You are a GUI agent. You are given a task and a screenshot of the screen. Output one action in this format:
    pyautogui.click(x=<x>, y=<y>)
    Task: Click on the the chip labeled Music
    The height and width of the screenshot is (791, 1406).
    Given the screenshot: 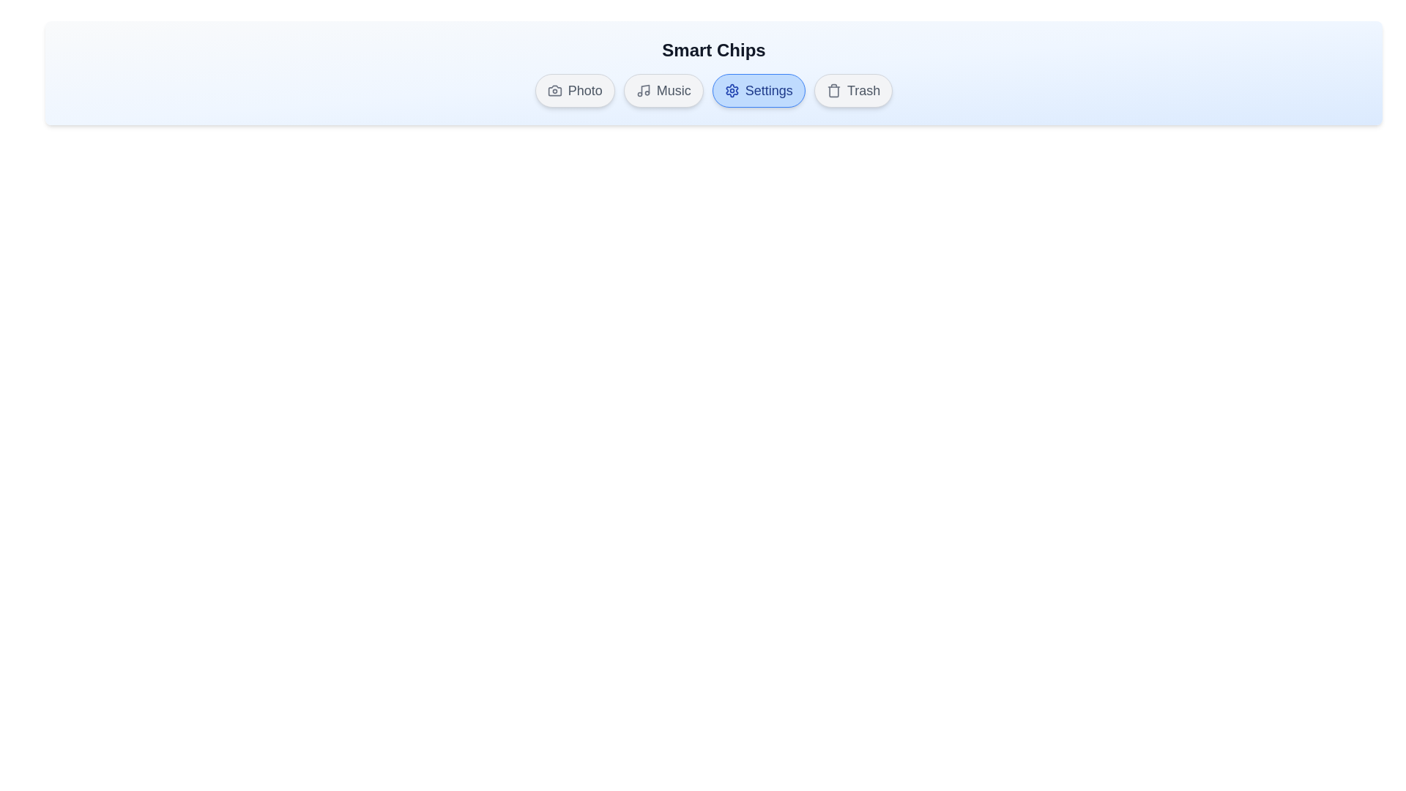 What is the action you would take?
    pyautogui.click(x=663, y=90)
    